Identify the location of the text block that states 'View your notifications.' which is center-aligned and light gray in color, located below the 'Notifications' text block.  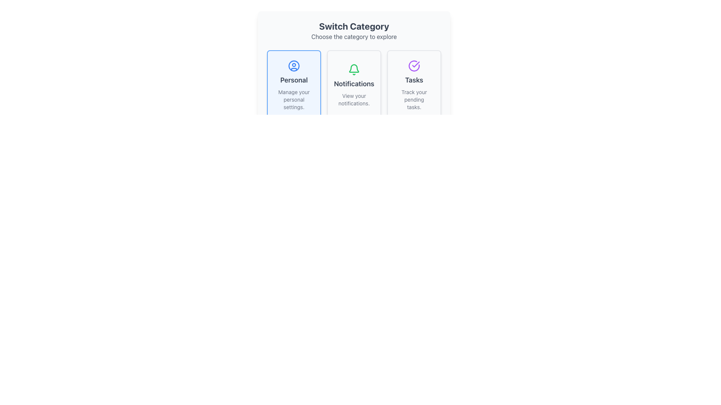
(353, 99).